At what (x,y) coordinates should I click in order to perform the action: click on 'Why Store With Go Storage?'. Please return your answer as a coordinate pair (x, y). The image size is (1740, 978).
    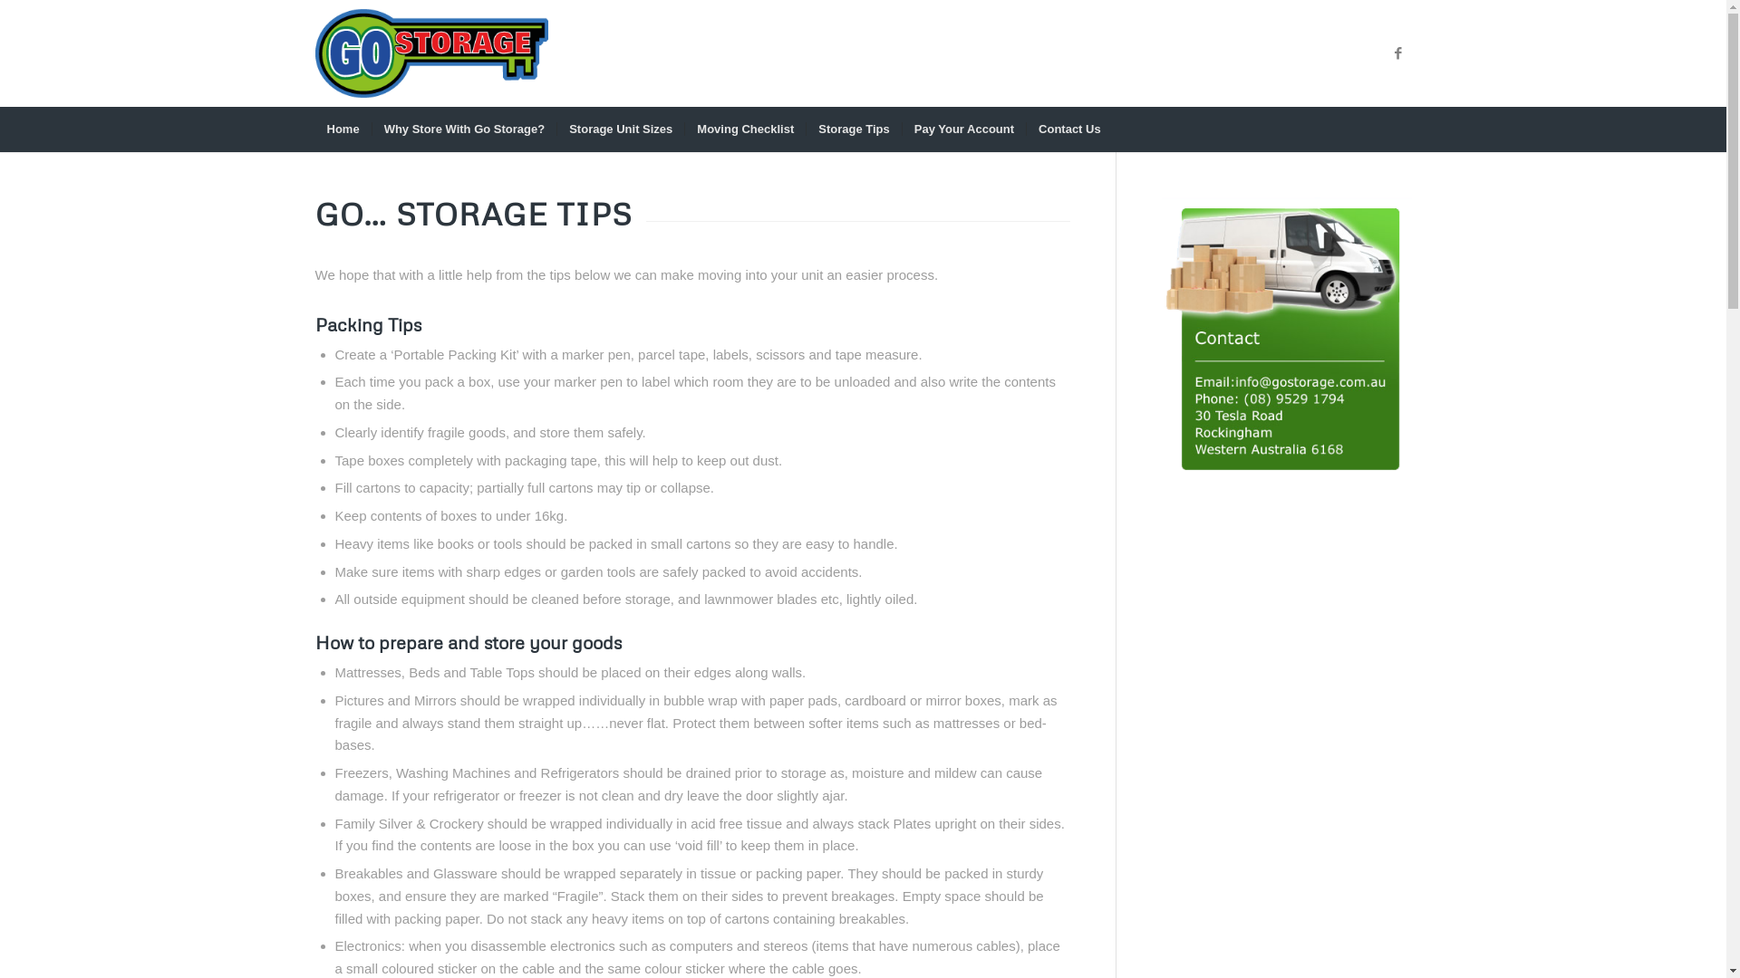
    Looking at the image, I should click on (464, 128).